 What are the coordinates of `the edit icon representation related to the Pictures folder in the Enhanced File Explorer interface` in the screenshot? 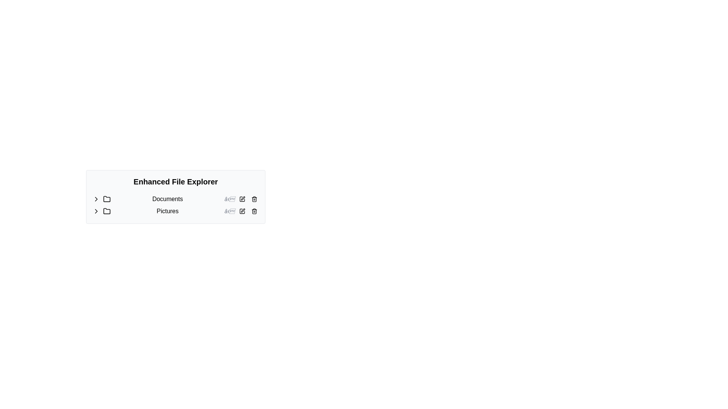 It's located at (242, 211).